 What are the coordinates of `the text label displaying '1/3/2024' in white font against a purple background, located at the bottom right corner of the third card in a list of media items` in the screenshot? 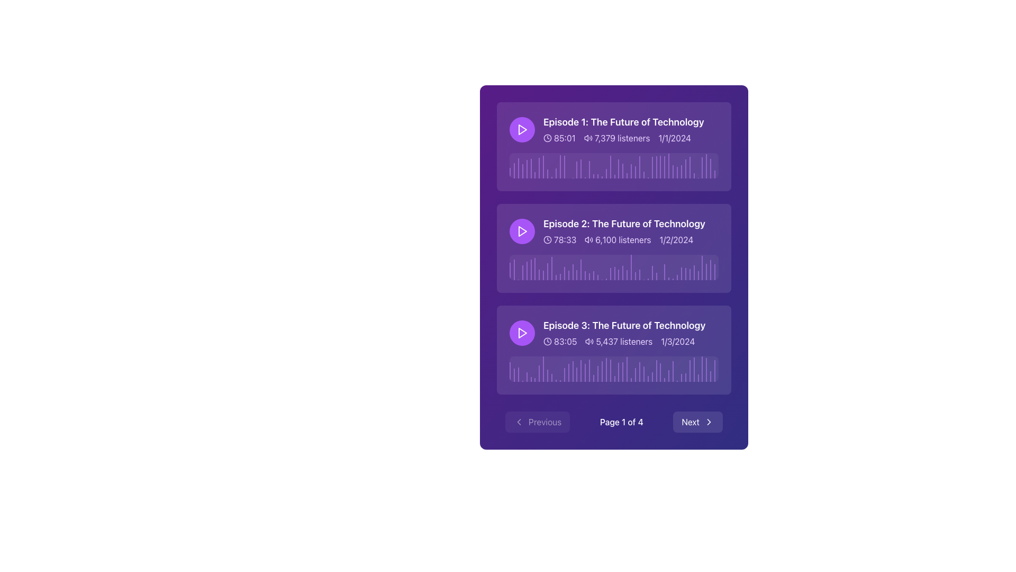 It's located at (678, 341).